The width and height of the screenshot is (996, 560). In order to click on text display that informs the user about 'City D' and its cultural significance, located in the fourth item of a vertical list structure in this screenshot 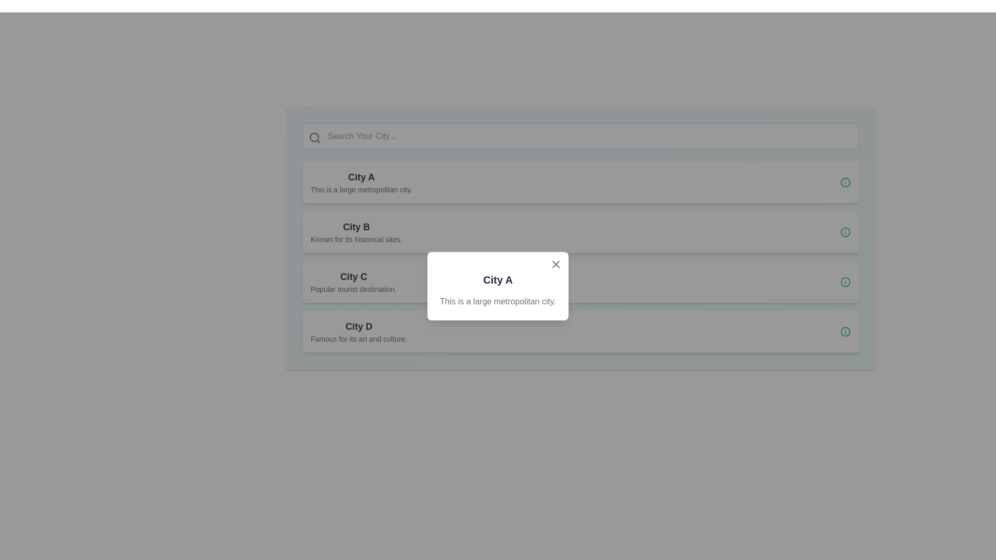, I will do `click(358, 332)`.